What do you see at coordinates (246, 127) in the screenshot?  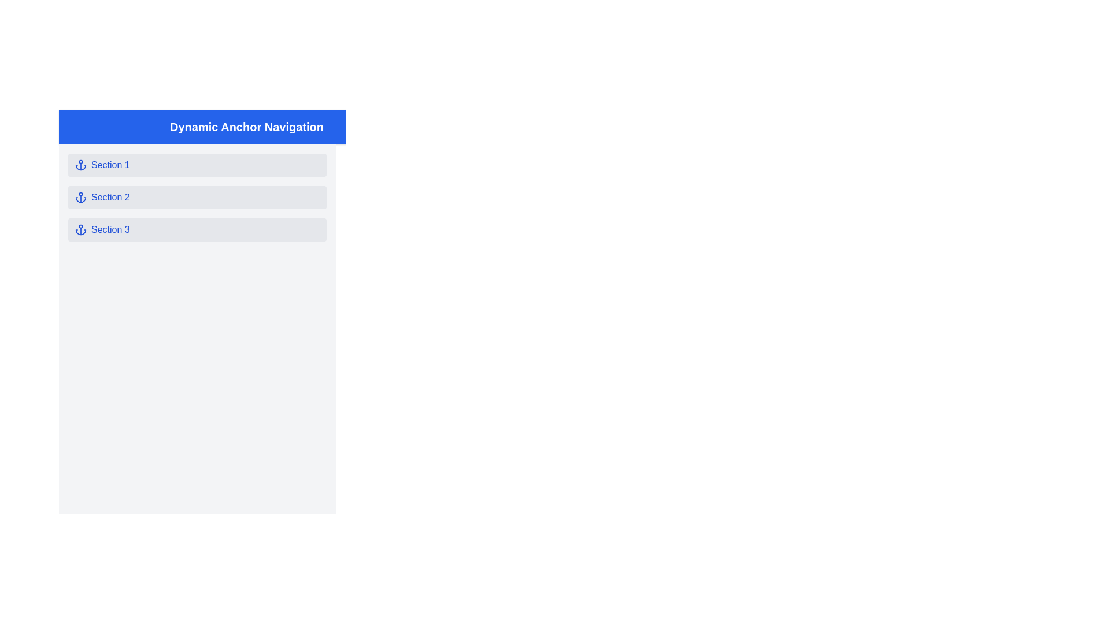 I see `the prominently styled text block that reads 'Dynamic Anchor Navigation', which is a bold and larger text on a solid blue background` at bounding box center [246, 127].